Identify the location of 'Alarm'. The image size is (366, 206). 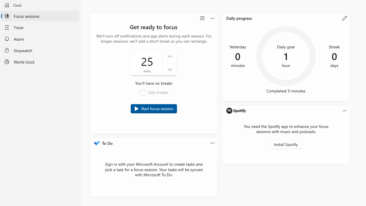
(40, 39).